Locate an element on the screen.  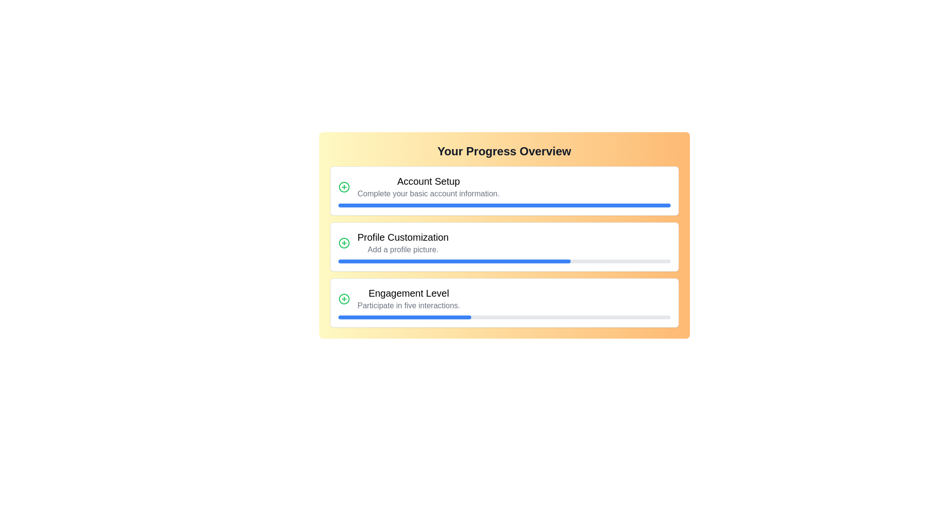
the informational card with a progress indicator, which is the first card in the vertical stack within the 'Your Progress Overview' panel is located at coordinates (504, 191).